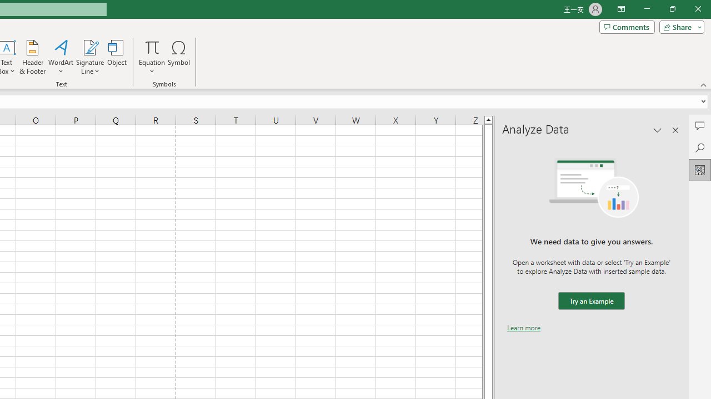  Describe the element at coordinates (590, 301) in the screenshot. I see `'We need data to give you answers. Try an Example'` at that location.